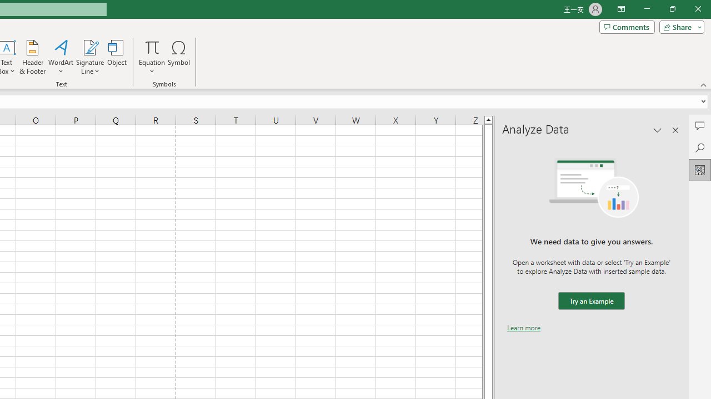  Describe the element at coordinates (590, 301) in the screenshot. I see `'We need data to give you answers. Try an Example'` at that location.